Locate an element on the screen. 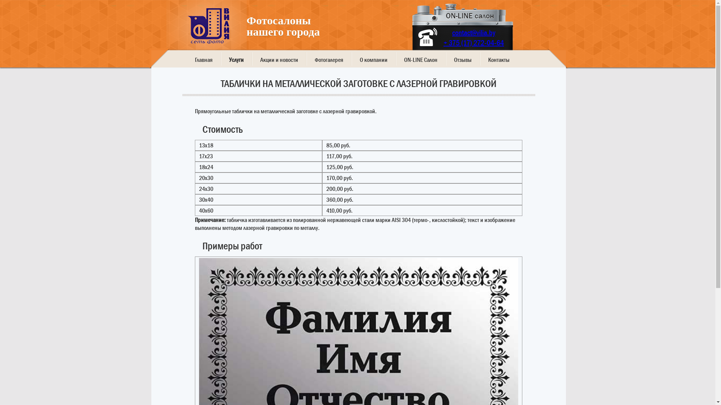 The width and height of the screenshot is (721, 405). '+ 375 (17) 272-04-64' is located at coordinates (443, 43).